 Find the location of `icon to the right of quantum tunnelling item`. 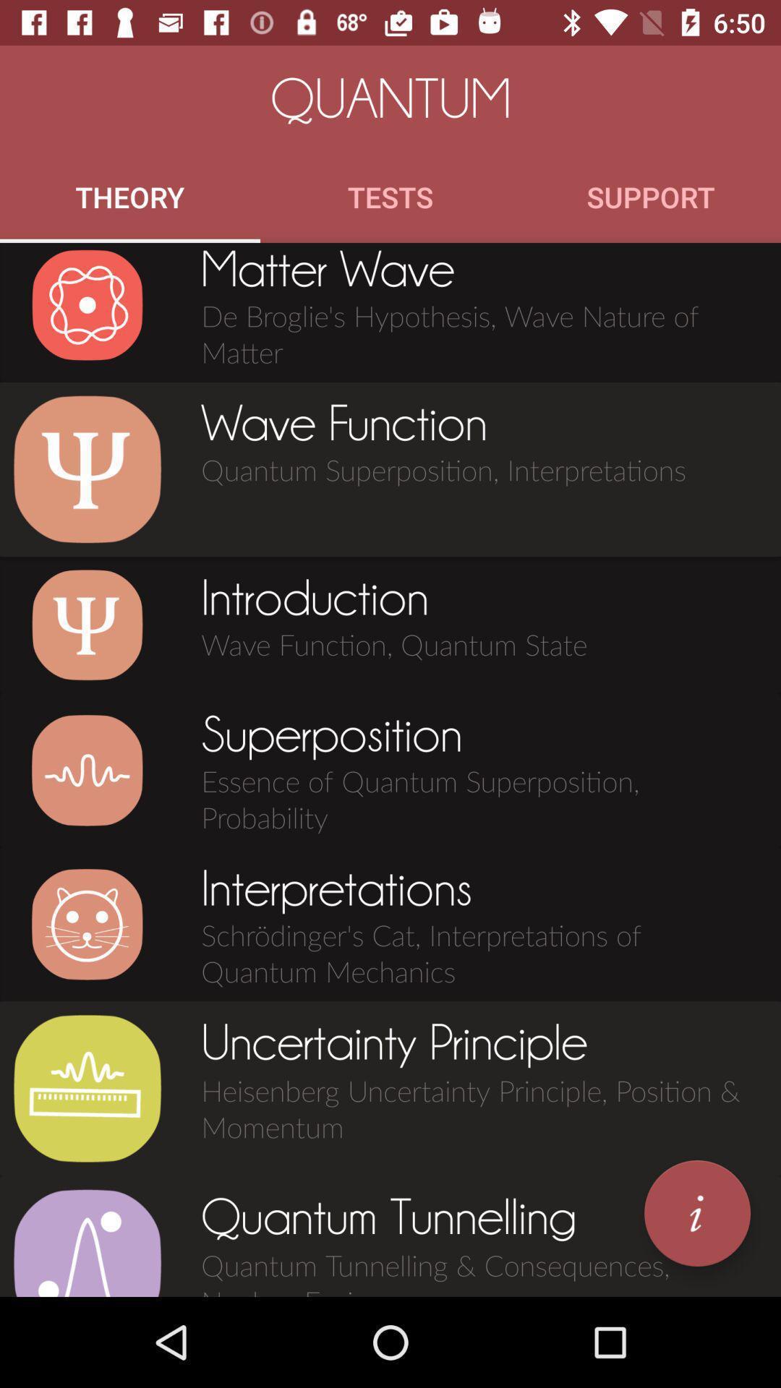

icon to the right of quantum tunnelling item is located at coordinates (696, 1213).